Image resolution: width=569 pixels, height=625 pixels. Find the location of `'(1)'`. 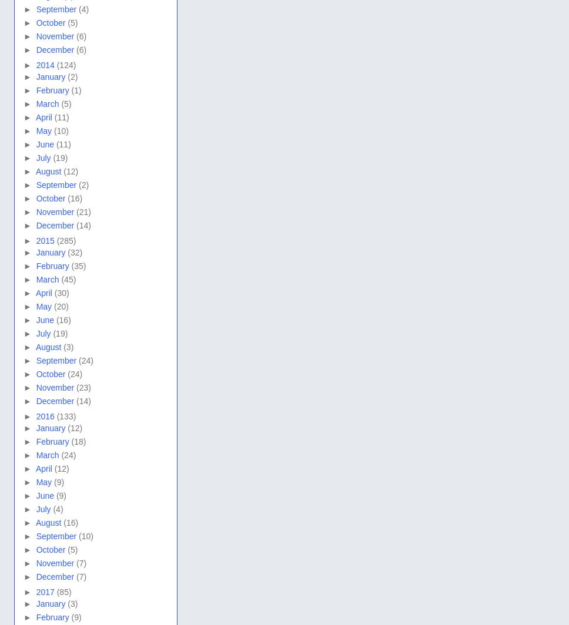

'(1)' is located at coordinates (75, 90).